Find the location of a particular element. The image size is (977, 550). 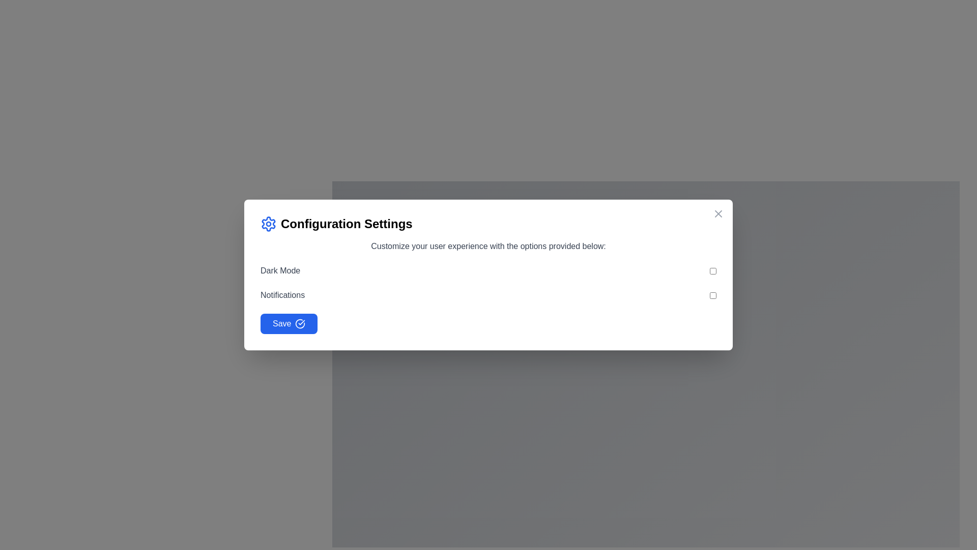

the toggle button styled as a checkbox located to the right of the text 'Notifications' is located at coordinates (712, 295).